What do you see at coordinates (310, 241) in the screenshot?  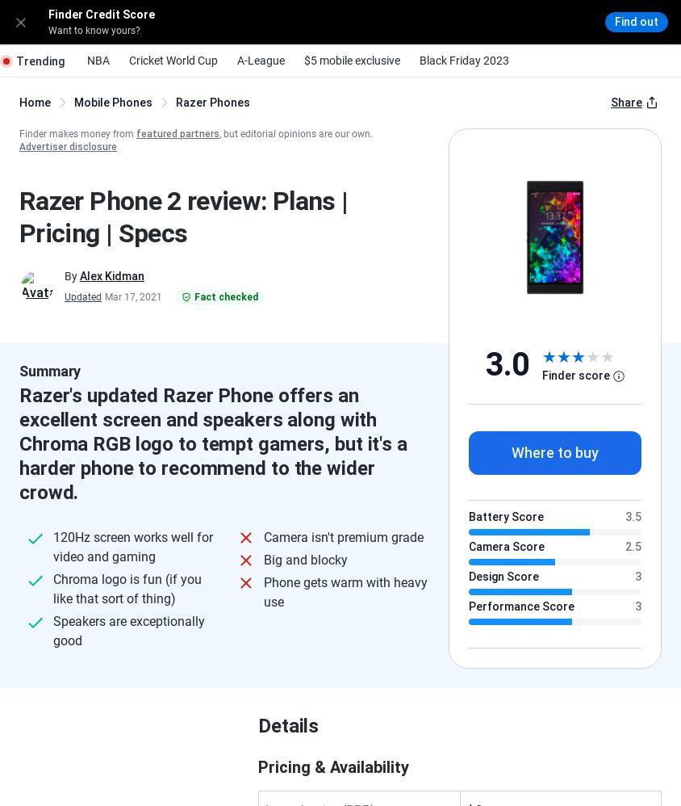 I see `'Read more…'` at bounding box center [310, 241].